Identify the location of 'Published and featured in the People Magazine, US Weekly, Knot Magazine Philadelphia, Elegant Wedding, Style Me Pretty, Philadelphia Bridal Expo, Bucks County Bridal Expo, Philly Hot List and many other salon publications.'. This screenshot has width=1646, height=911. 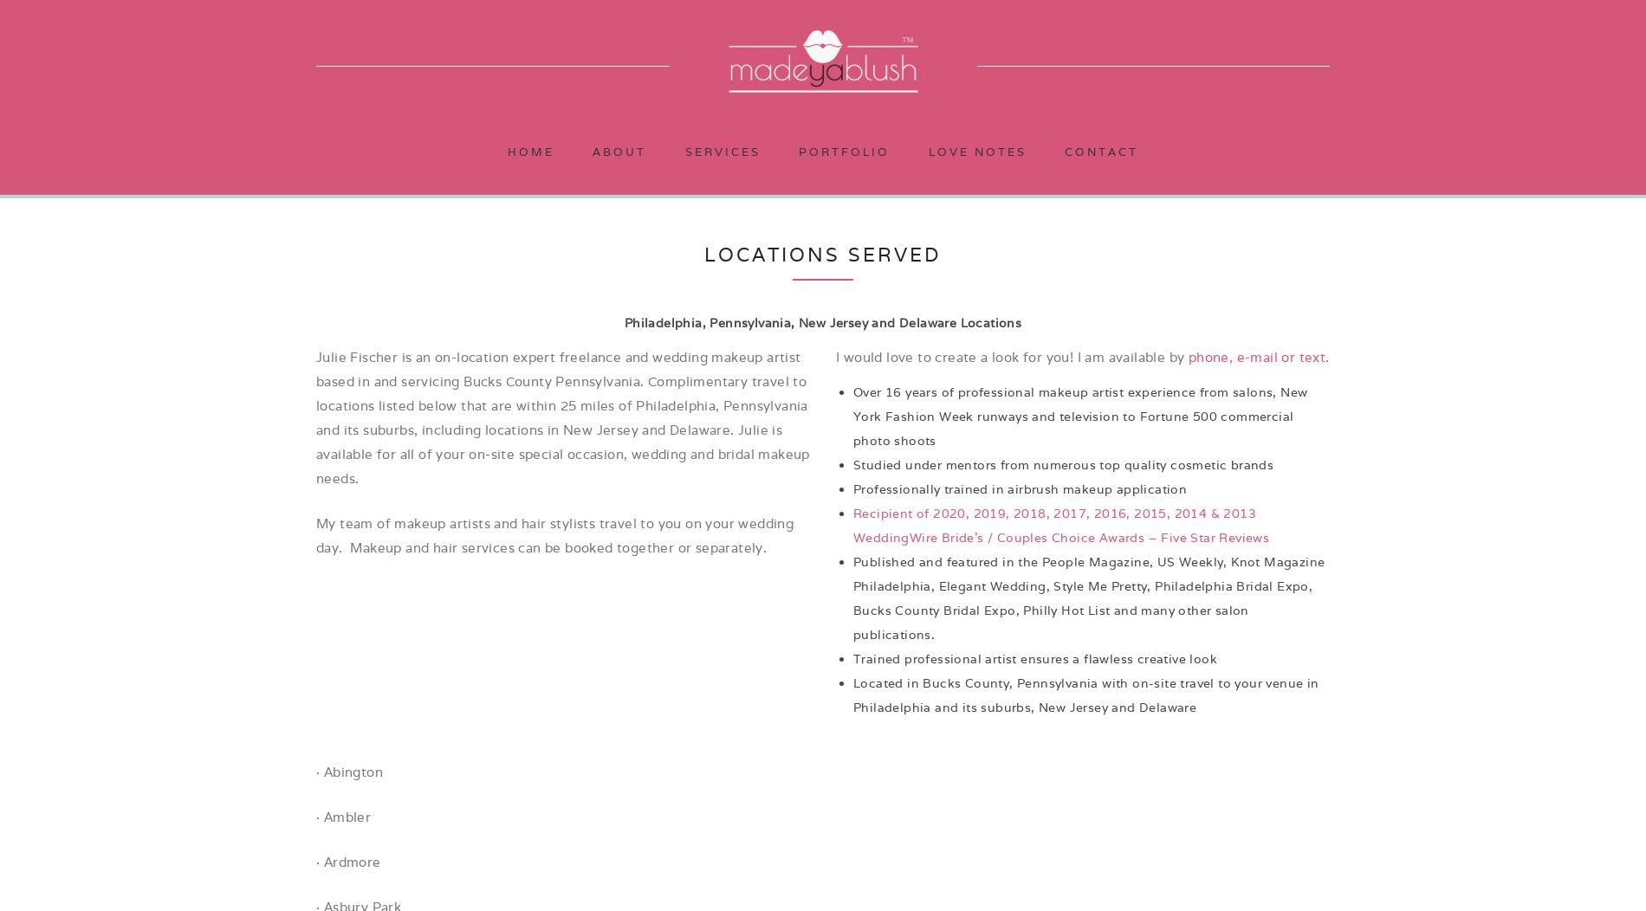
(852, 597).